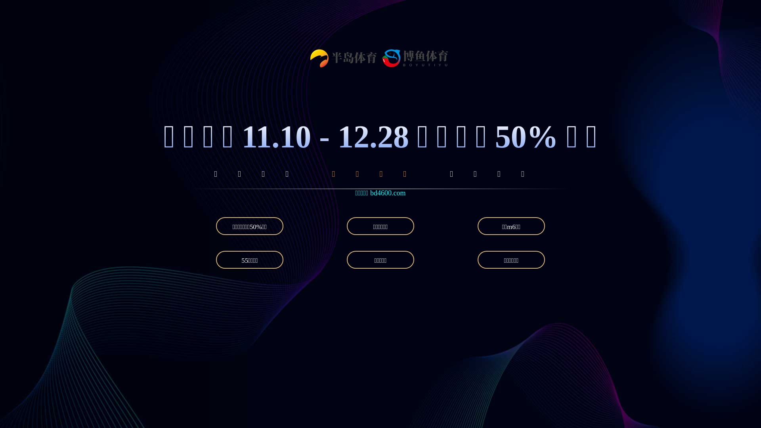 This screenshot has width=761, height=428. Describe the element at coordinates (562, 28) in the screenshot. I see `'EN'` at that location.